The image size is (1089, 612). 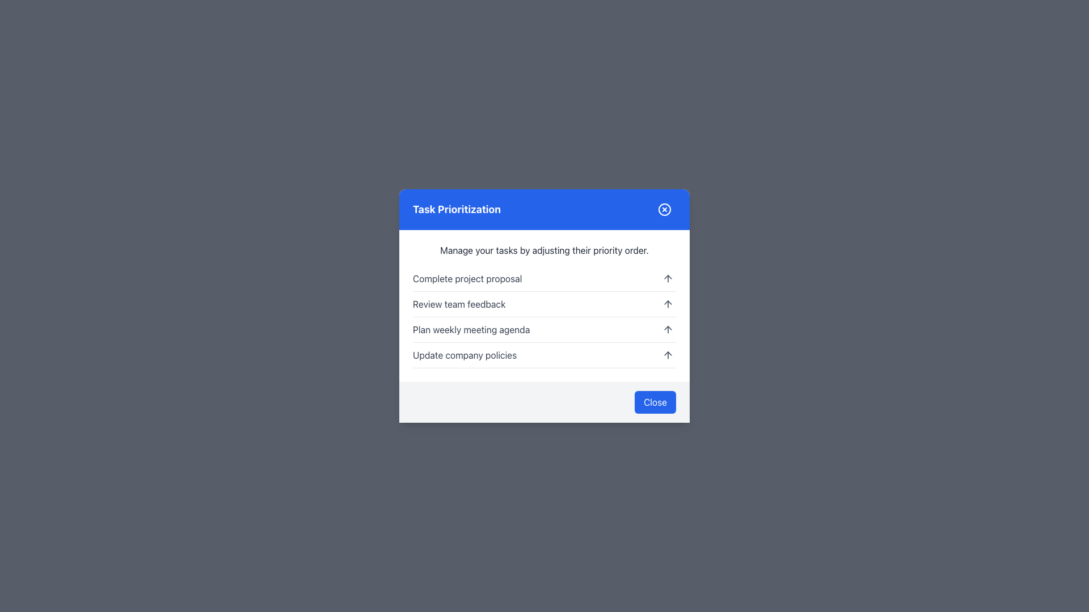 I want to click on the close button located in the footer panel of the modal dialog, positioned at the right side, so click(x=655, y=401).